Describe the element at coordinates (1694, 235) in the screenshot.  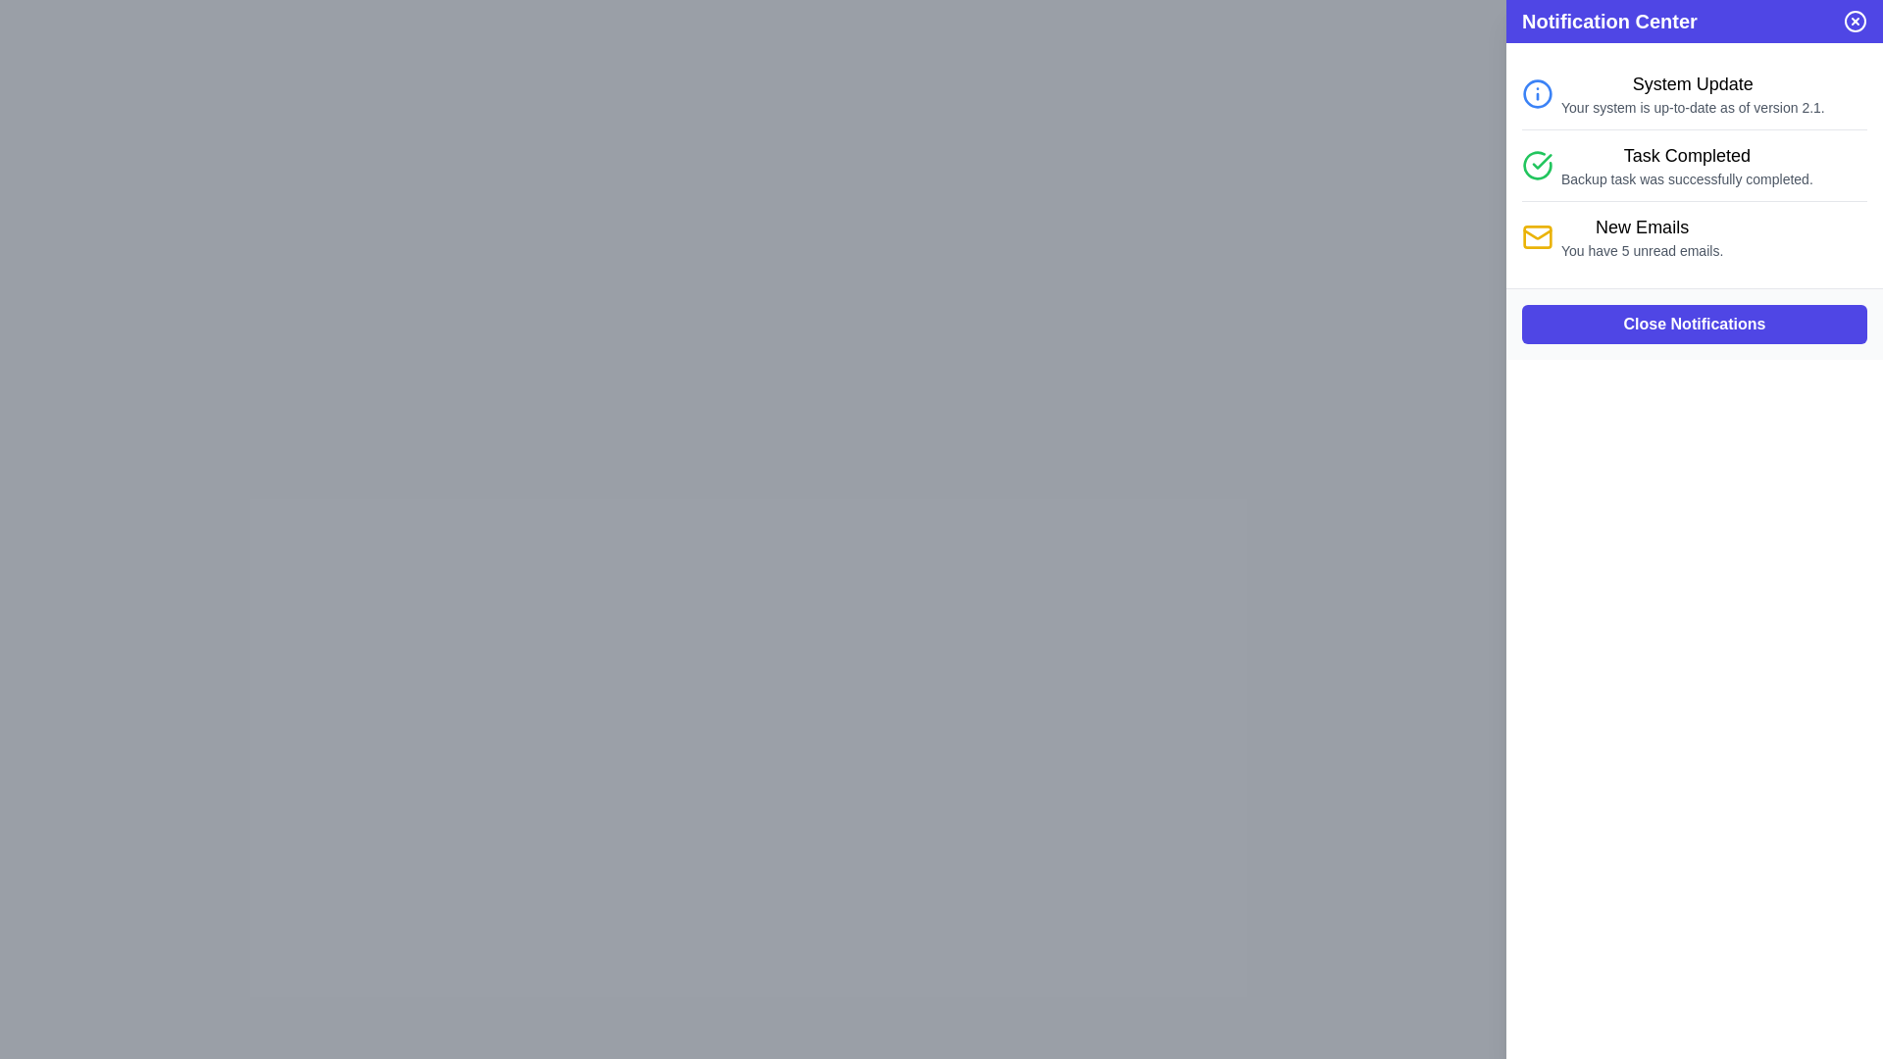
I see `the notification entry labeled 'New Emails' with a yellow mail icon and subtext indicating 5 unread emails` at that location.